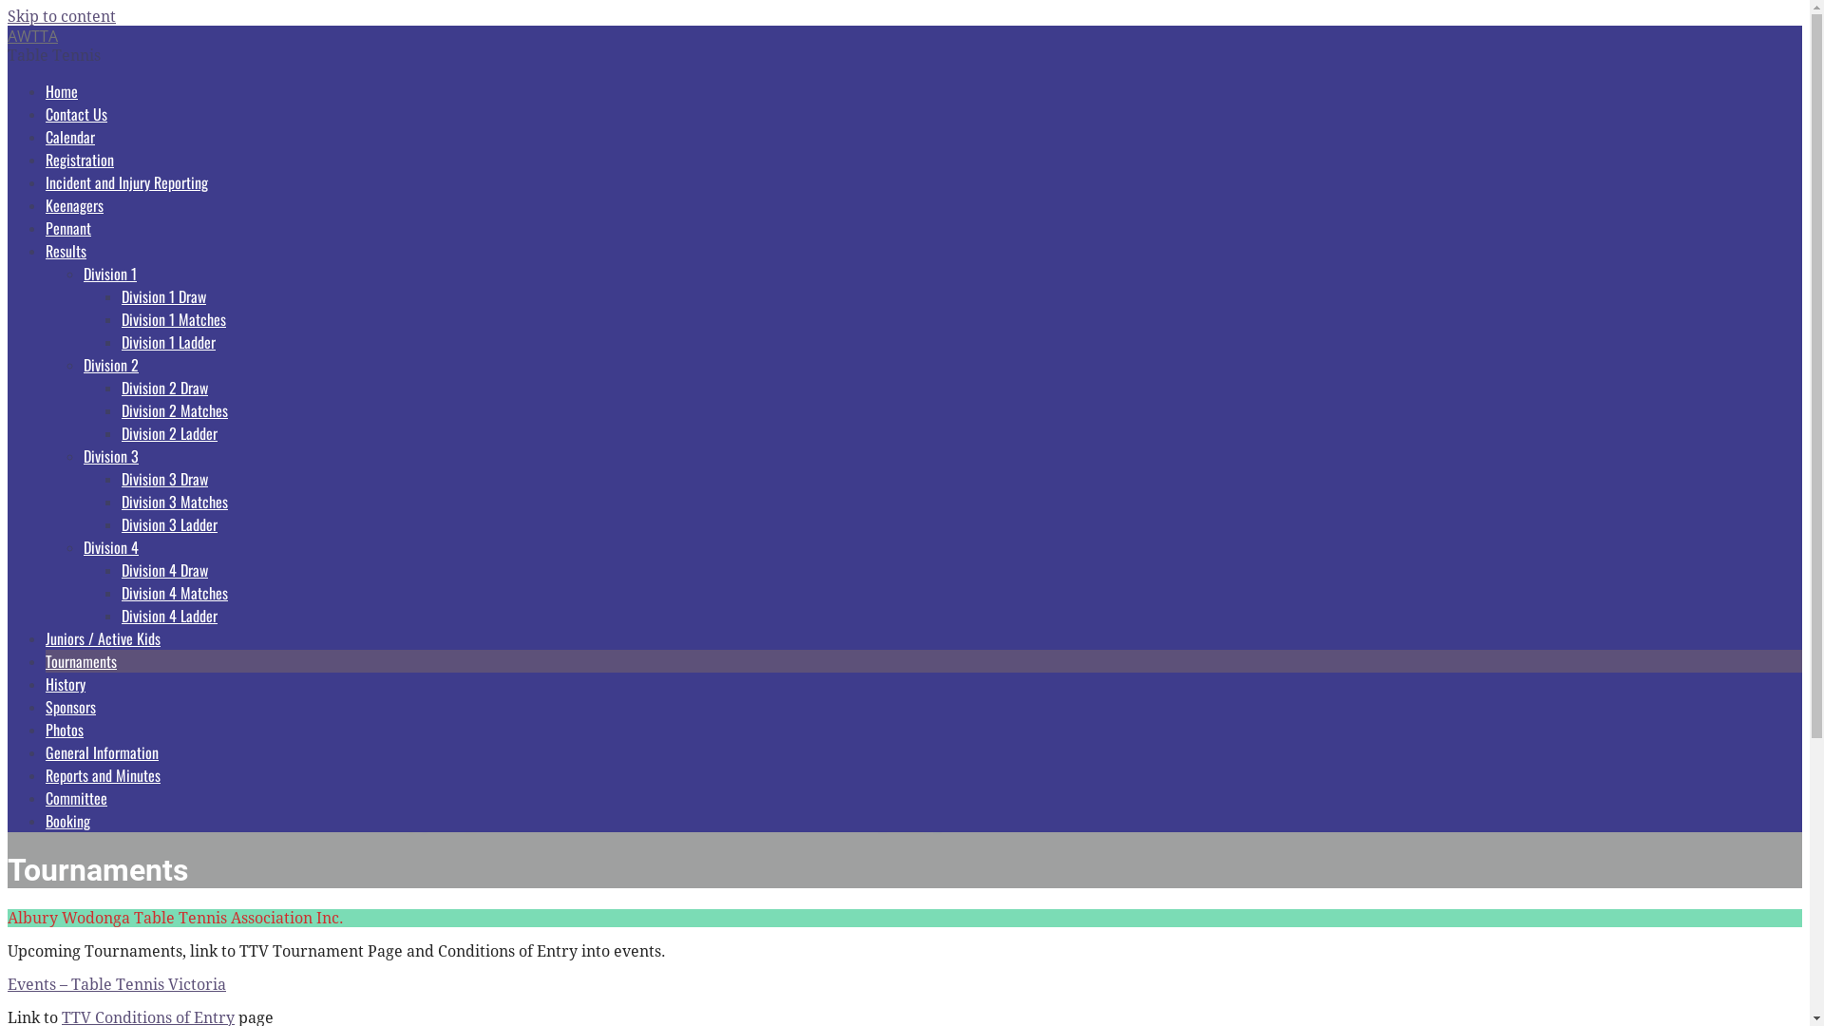 The image size is (1824, 1026). I want to click on 'Juniors / Active Kids', so click(102, 637).